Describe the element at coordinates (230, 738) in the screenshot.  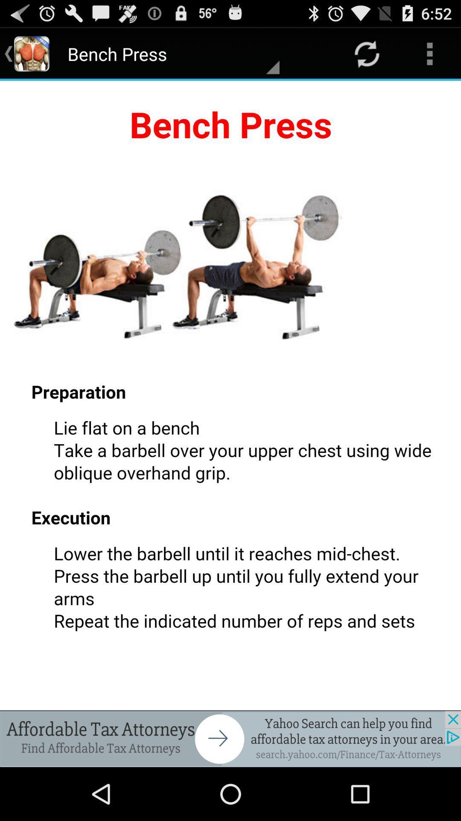
I see `advertisement` at that location.